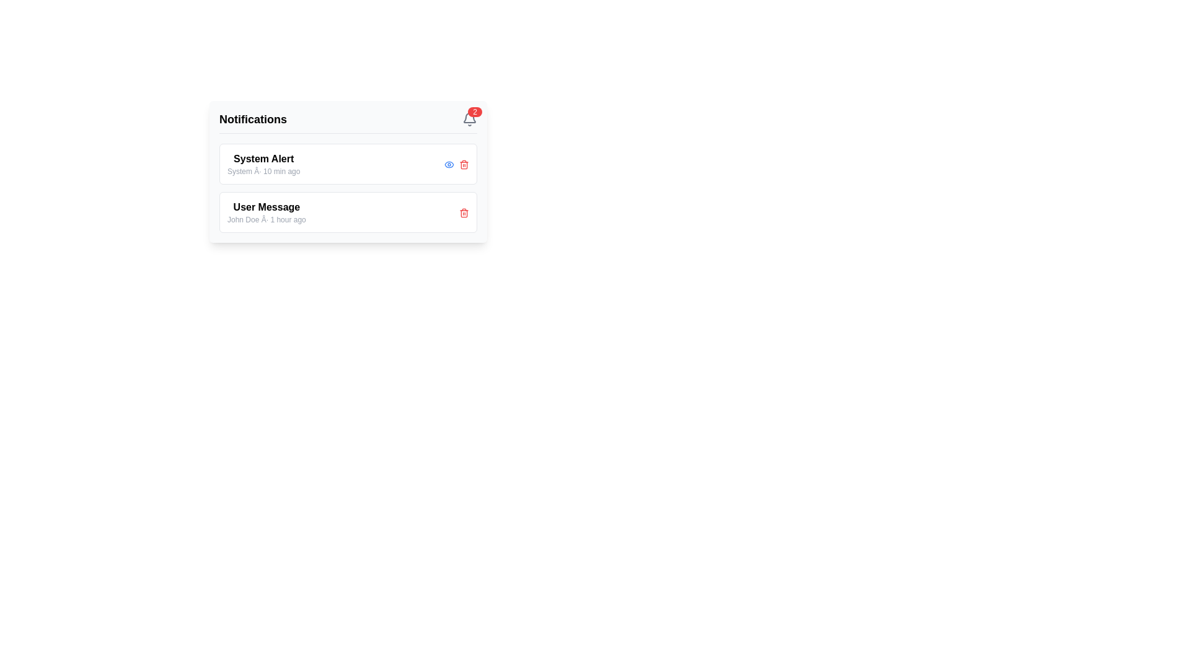 This screenshot has width=1190, height=669. I want to click on the small text label displaying 'System · 10 min ago', which is located below the 'System Alert' heading in the first notification card, so click(263, 172).